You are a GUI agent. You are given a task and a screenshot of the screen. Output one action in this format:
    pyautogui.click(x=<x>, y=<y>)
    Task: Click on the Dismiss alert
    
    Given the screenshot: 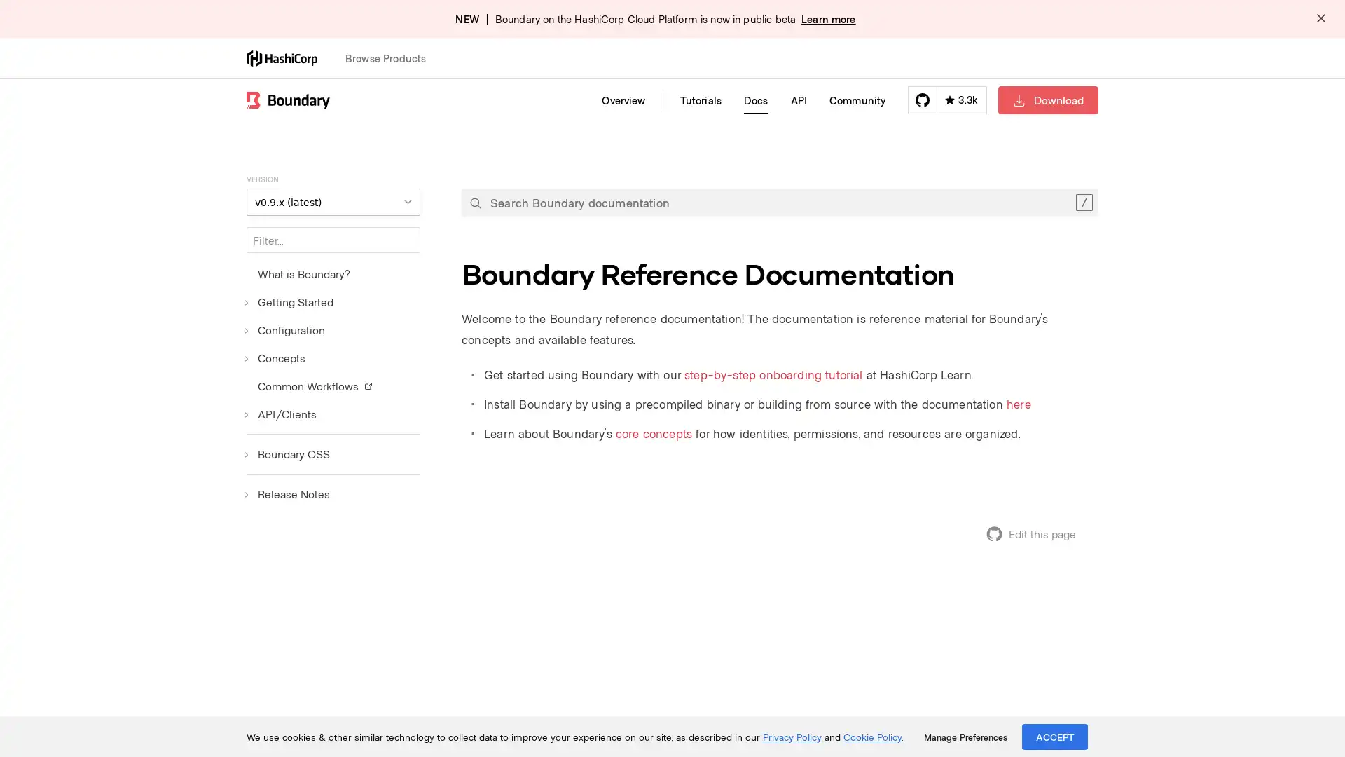 What is the action you would take?
    pyautogui.click(x=1320, y=19)
    